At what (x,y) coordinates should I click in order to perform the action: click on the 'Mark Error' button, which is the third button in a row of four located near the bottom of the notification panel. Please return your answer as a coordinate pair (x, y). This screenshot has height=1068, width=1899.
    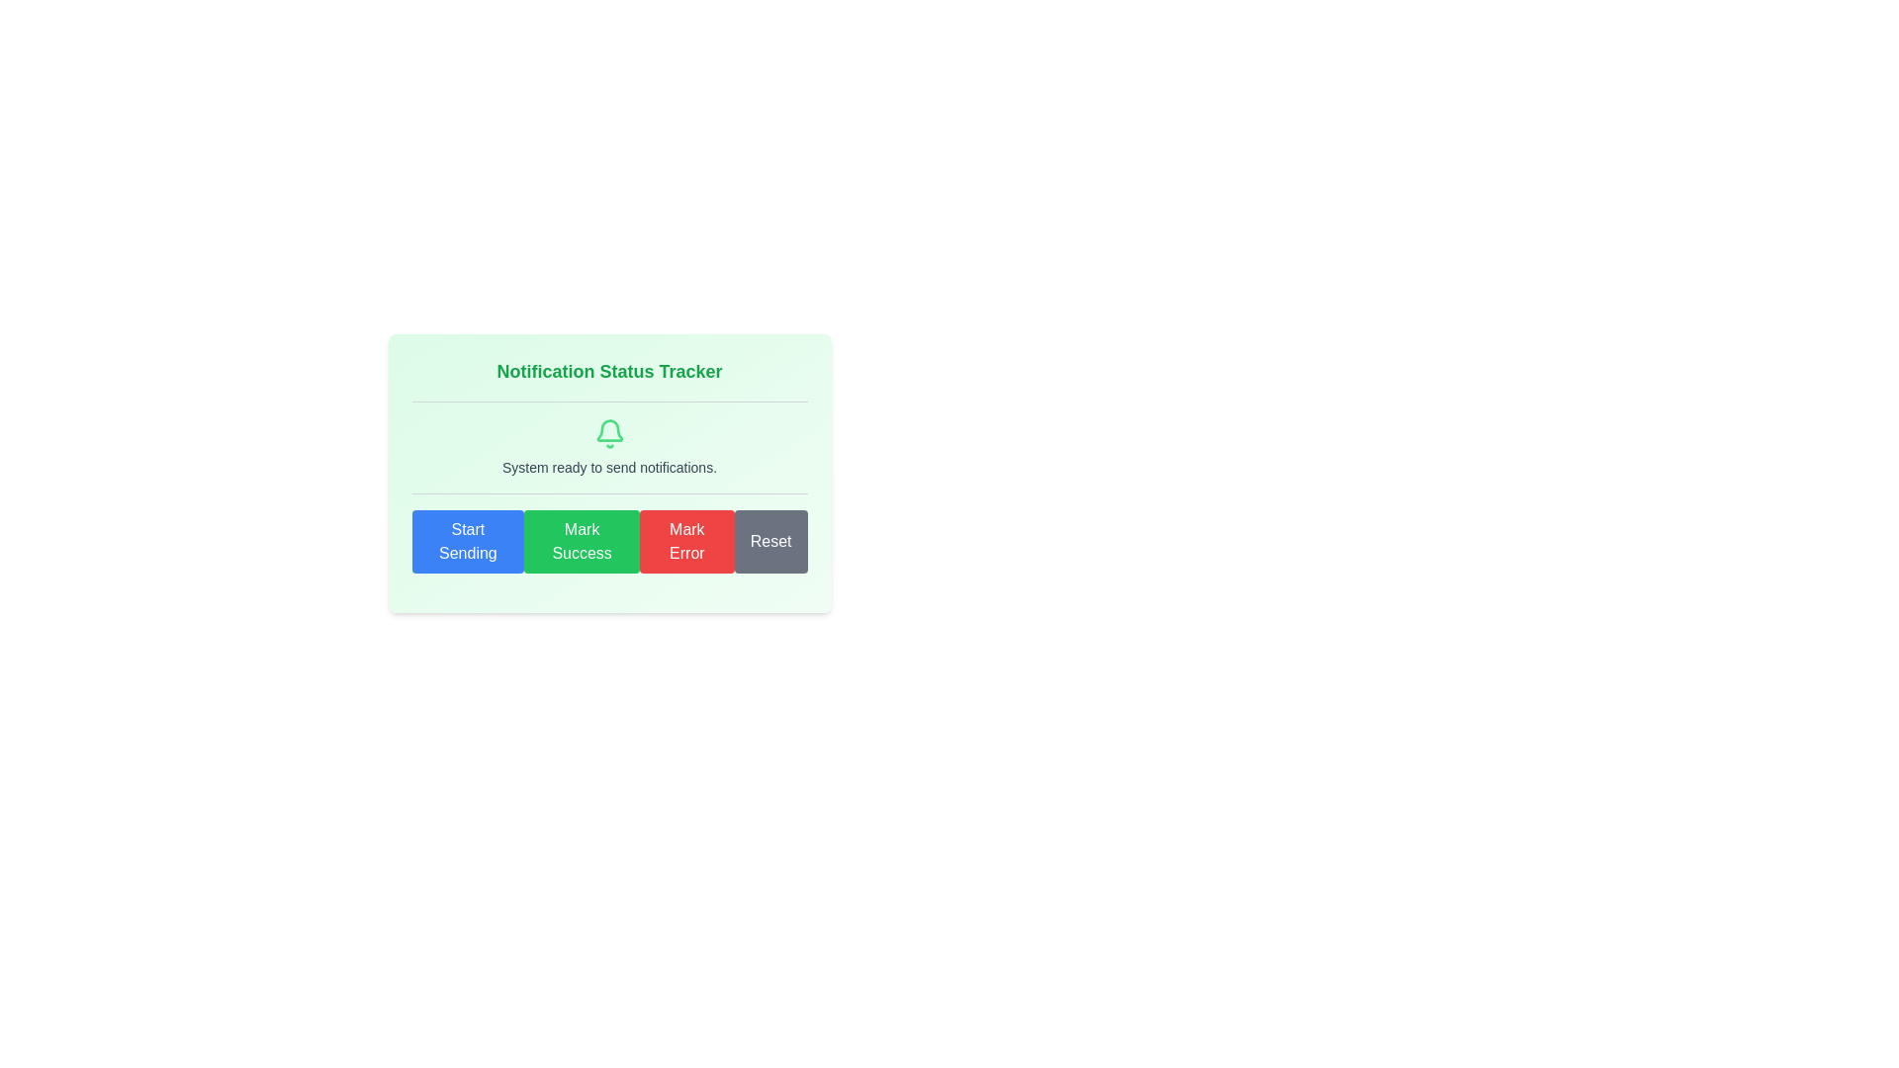
    Looking at the image, I should click on (686, 541).